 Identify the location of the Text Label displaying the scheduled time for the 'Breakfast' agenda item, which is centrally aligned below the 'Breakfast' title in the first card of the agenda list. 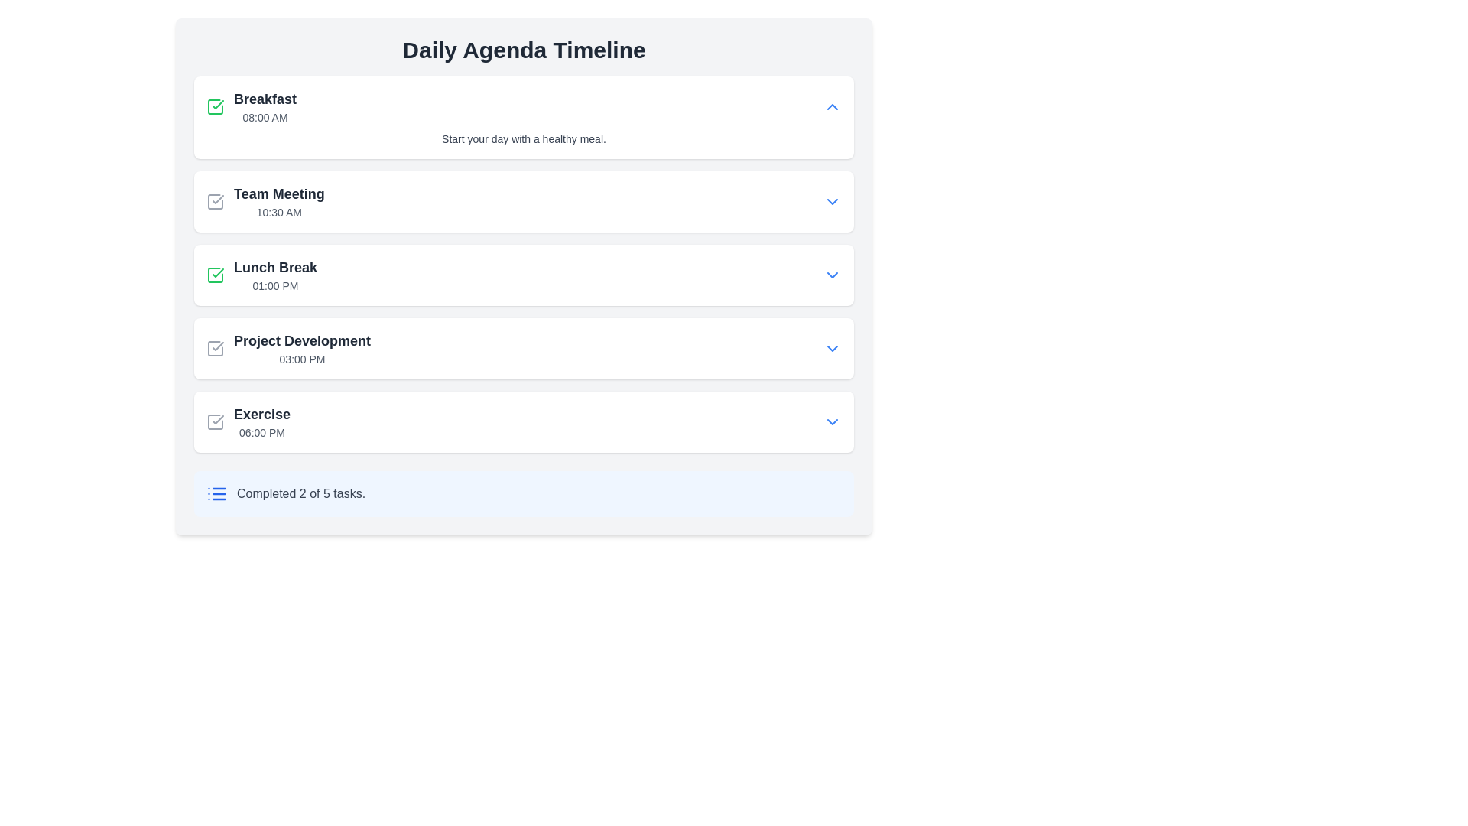
(265, 117).